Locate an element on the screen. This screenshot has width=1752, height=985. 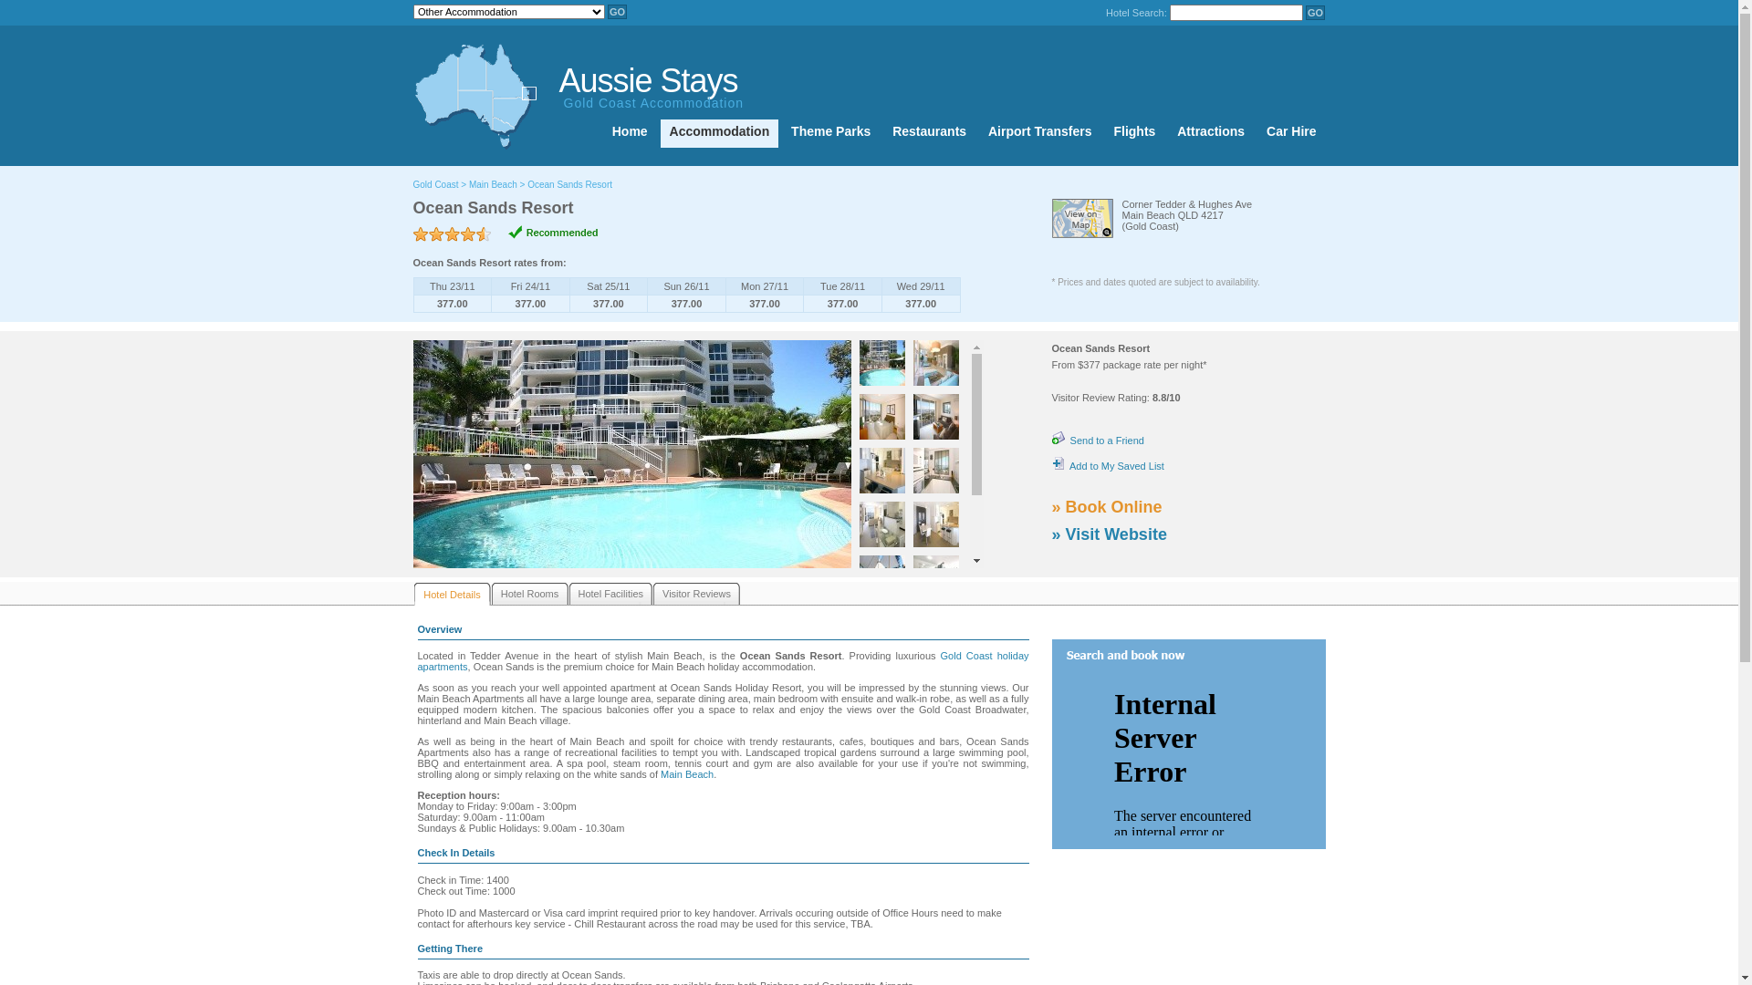
'Hotel Facilities' is located at coordinates (568, 594).